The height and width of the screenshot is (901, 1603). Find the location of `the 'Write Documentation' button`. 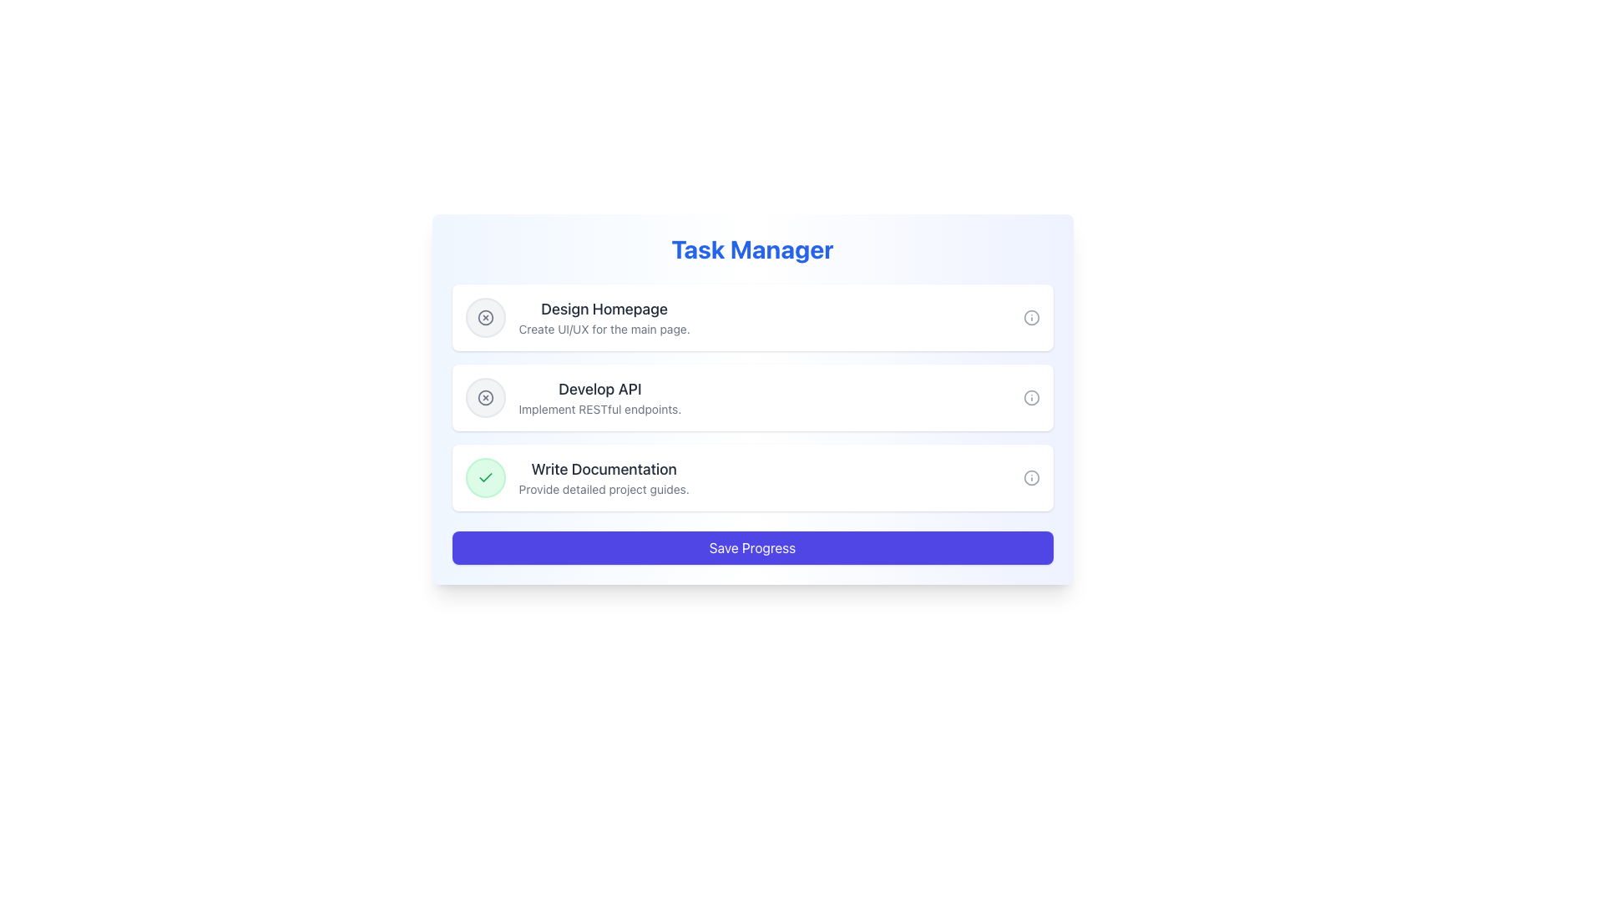

the 'Write Documentation' button is located at coordinates (484, 478).